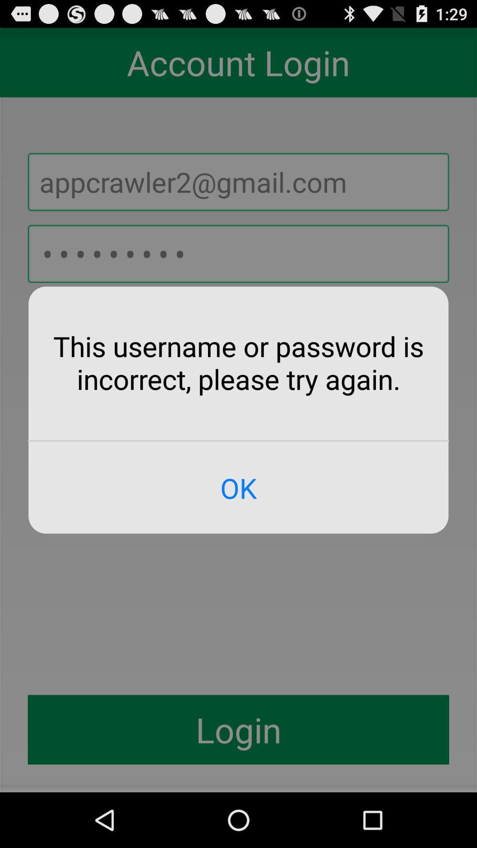 This screenshot has height=848, width=477. Describe the element at coordinates (238, 487) in the screenshot. I see `ok app` at that location.